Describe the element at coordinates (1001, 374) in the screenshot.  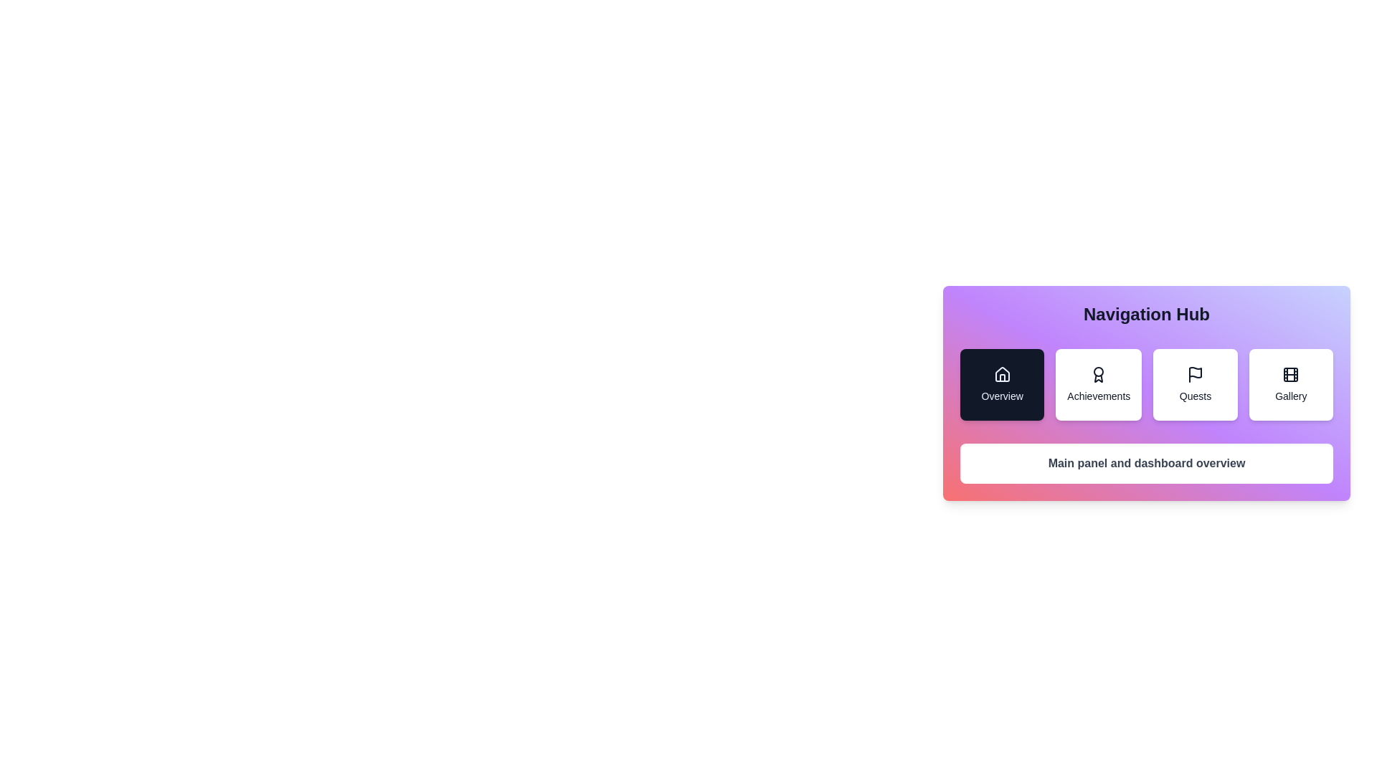
I see `the 'Overview' icon in the Navigation Hub` at that location.